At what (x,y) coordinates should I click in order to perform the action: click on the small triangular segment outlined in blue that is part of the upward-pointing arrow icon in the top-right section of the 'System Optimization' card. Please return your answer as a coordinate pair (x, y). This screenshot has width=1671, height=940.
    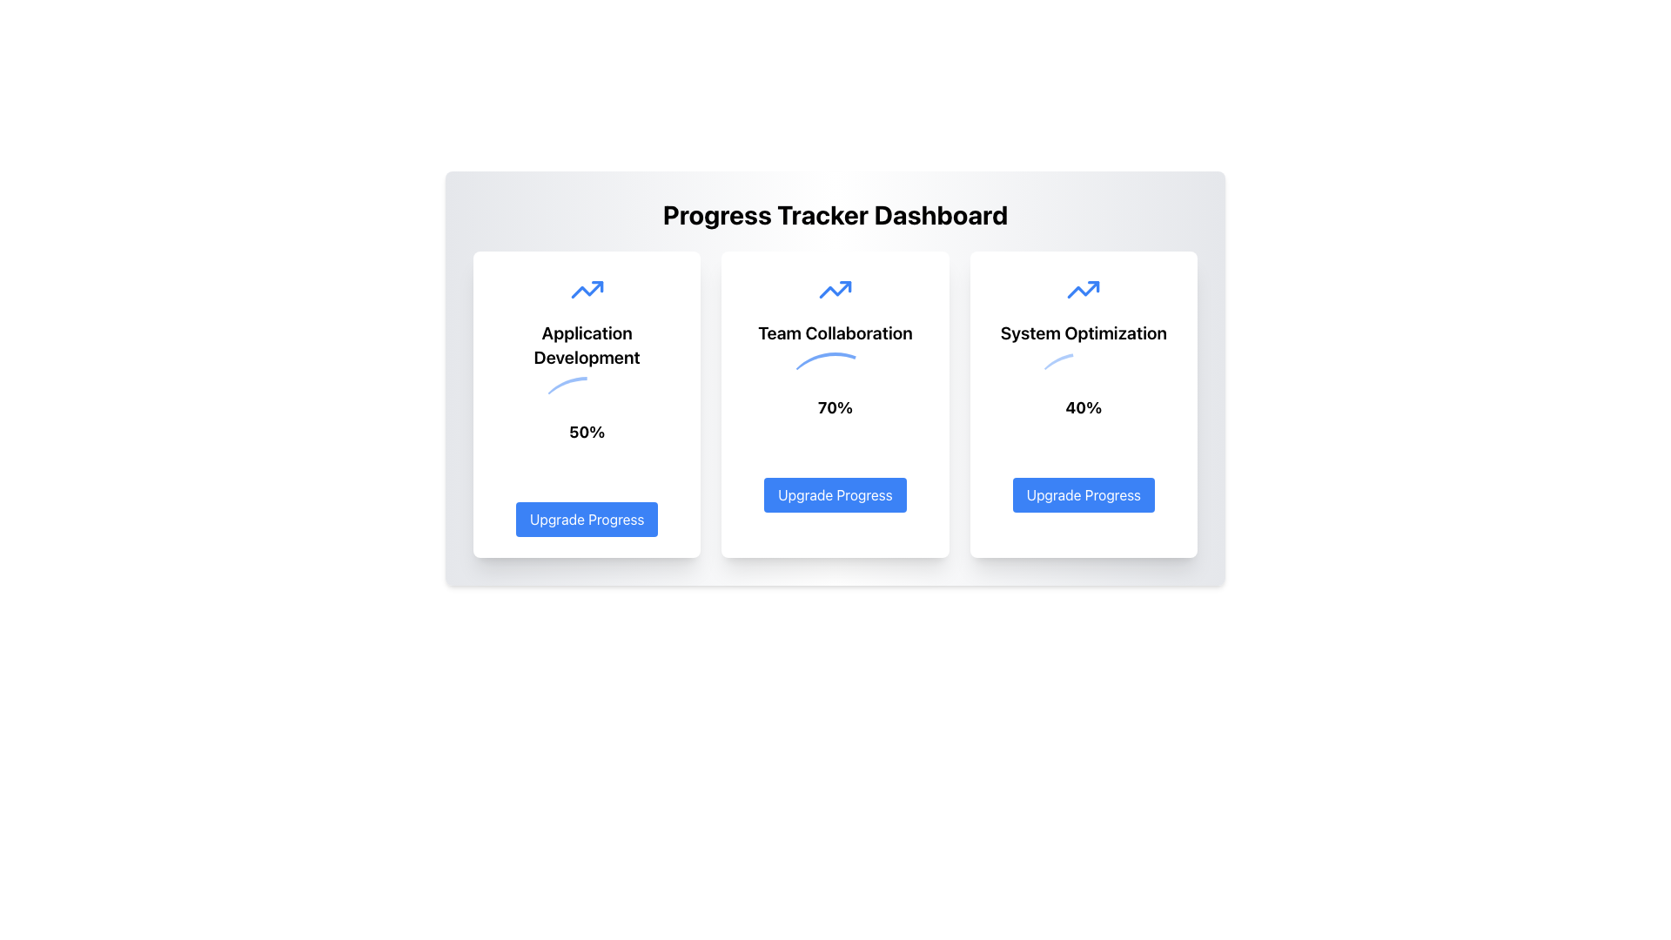
    Looking at the image, I should click on (1093, 285).